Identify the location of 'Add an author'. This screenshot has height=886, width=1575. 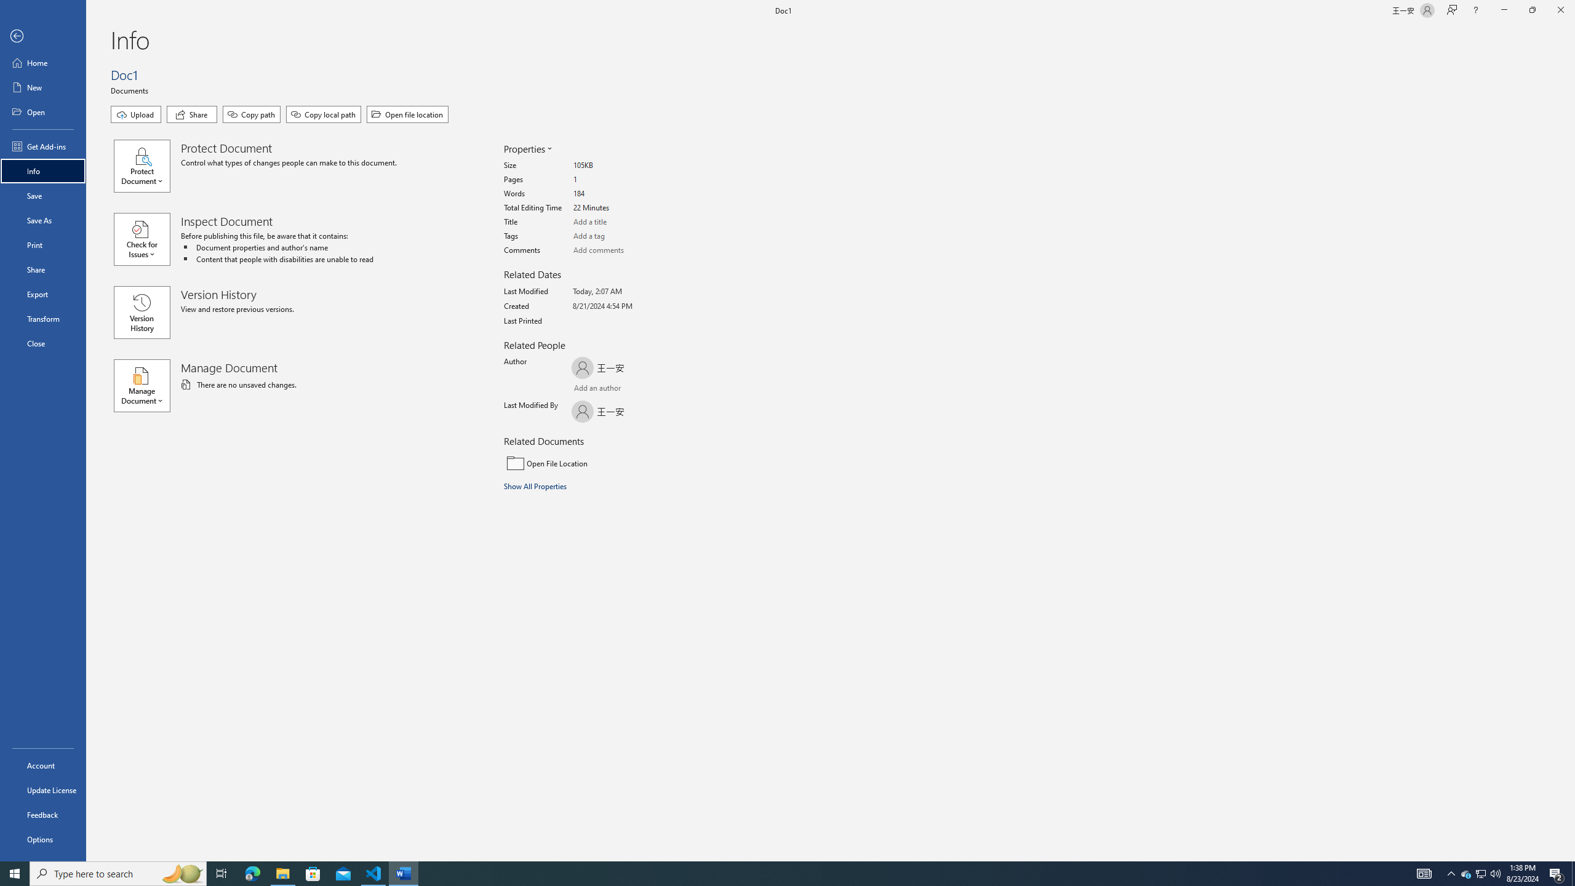
(584, 389).